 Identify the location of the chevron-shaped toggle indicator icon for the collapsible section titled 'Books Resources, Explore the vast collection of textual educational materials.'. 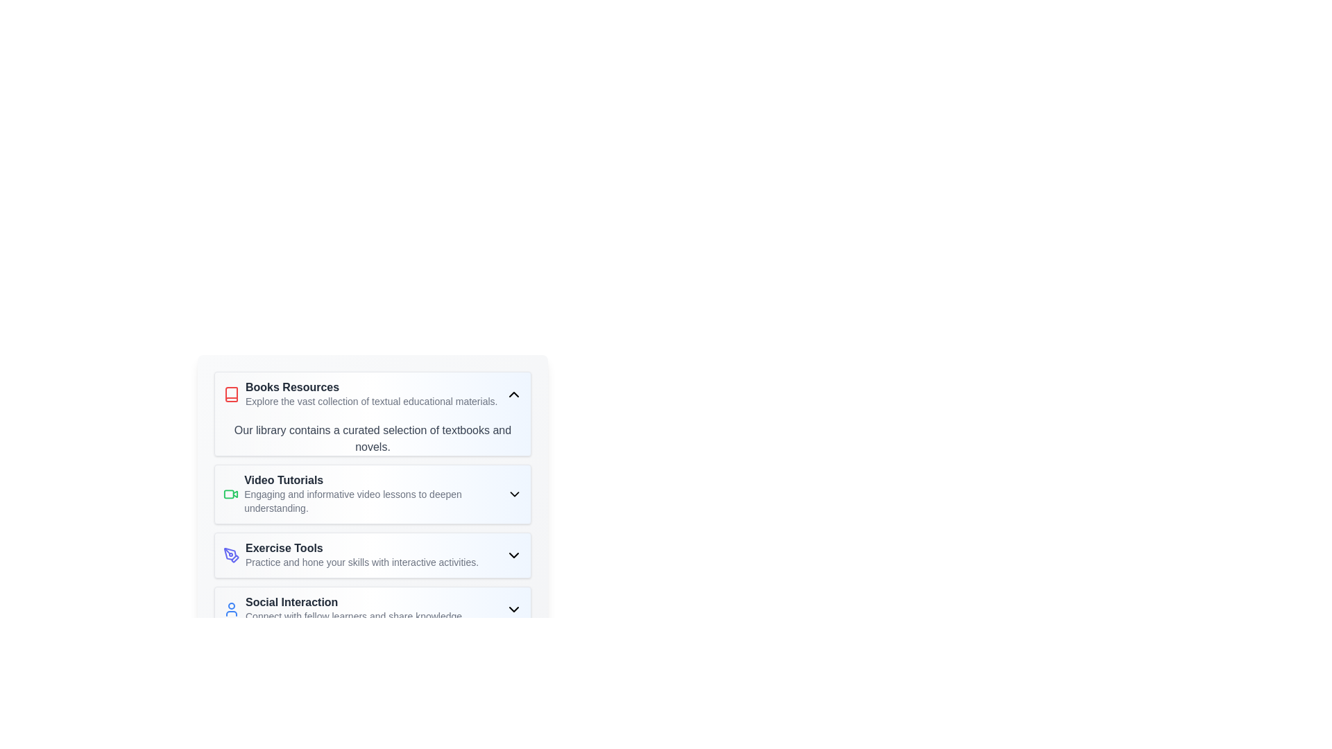
(513, 395).